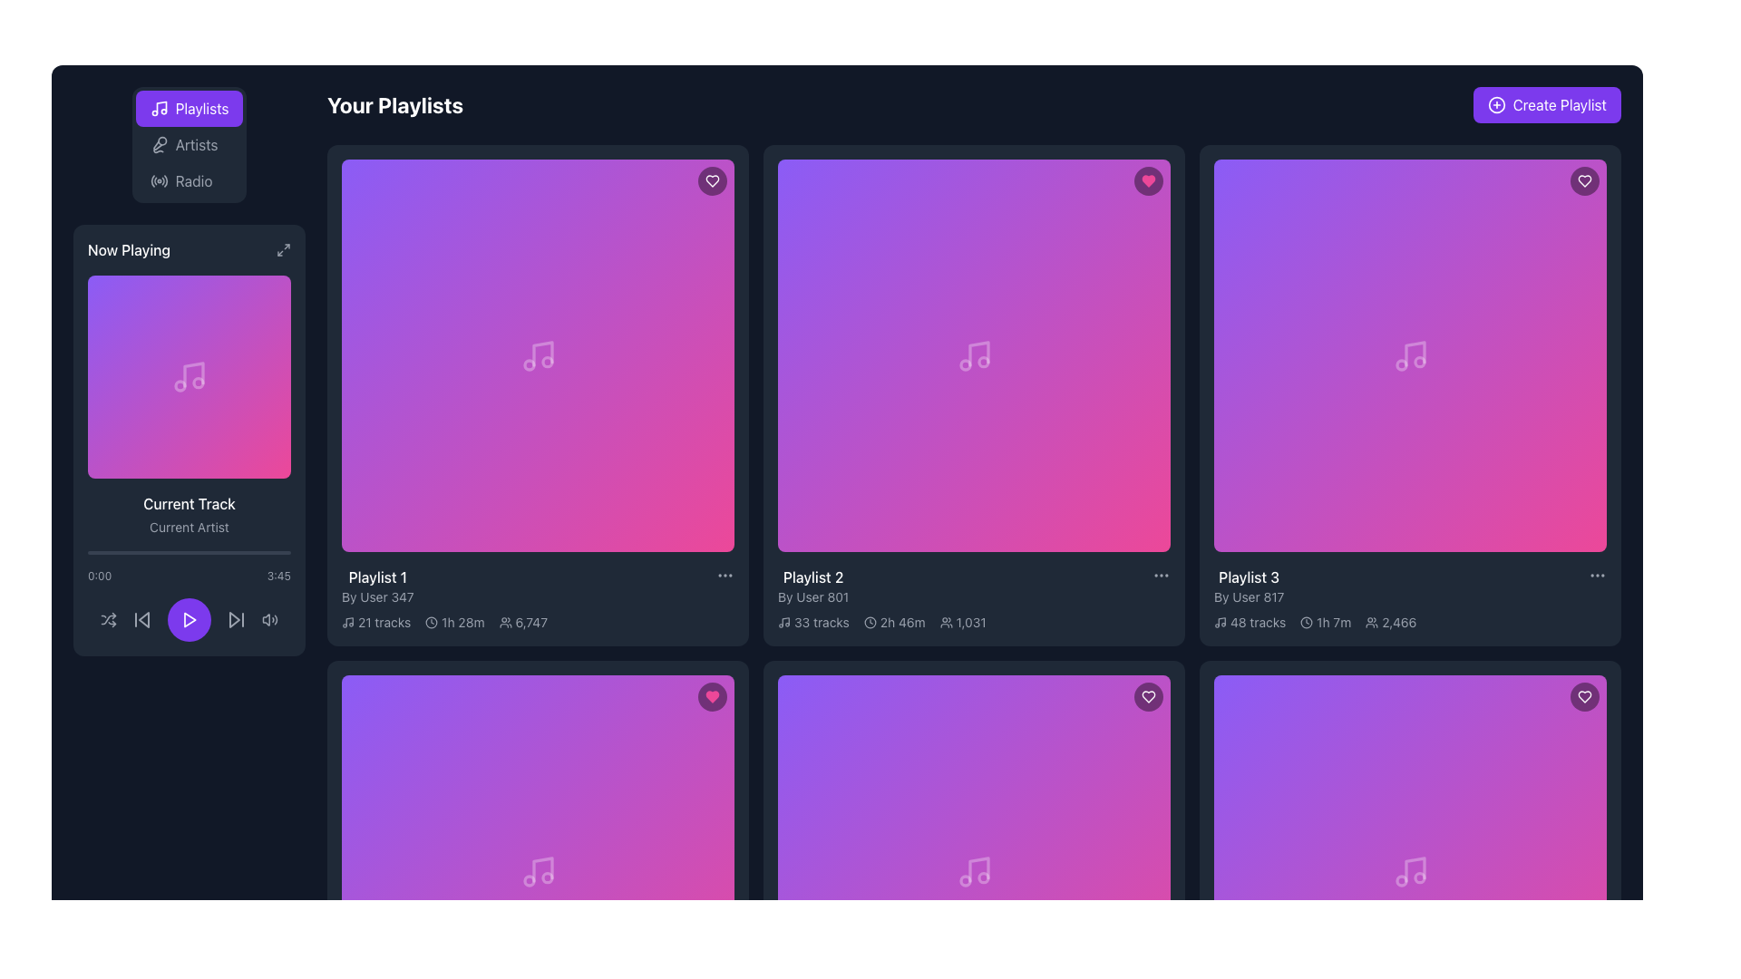 The height and width of the screenshot is (979, 1741). What do you see at coordinates (869, 621) in the screenshot?
I see `the SVG graphic component representing a circular element as part of the clock icon, which is located towards the center-right of the interface adjacent to textual data about track length and listener count` at bounding box center [869, 621].